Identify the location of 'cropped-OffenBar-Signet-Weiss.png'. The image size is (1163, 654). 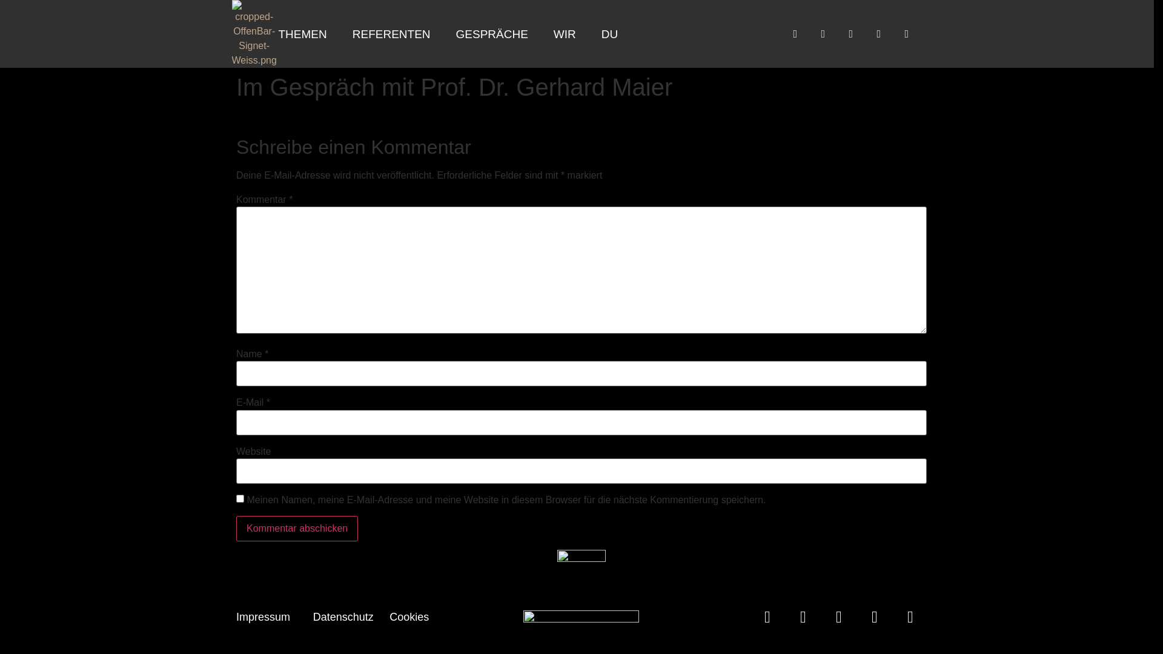
(231, 33).